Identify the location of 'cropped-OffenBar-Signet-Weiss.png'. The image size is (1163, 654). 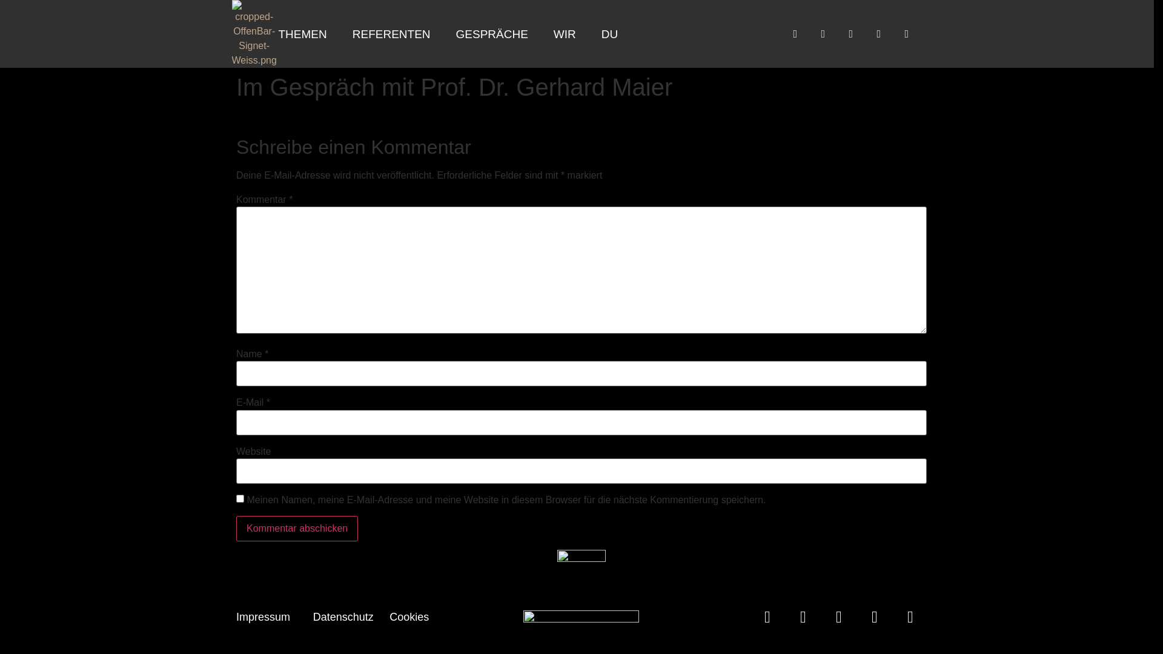
(231, 33).